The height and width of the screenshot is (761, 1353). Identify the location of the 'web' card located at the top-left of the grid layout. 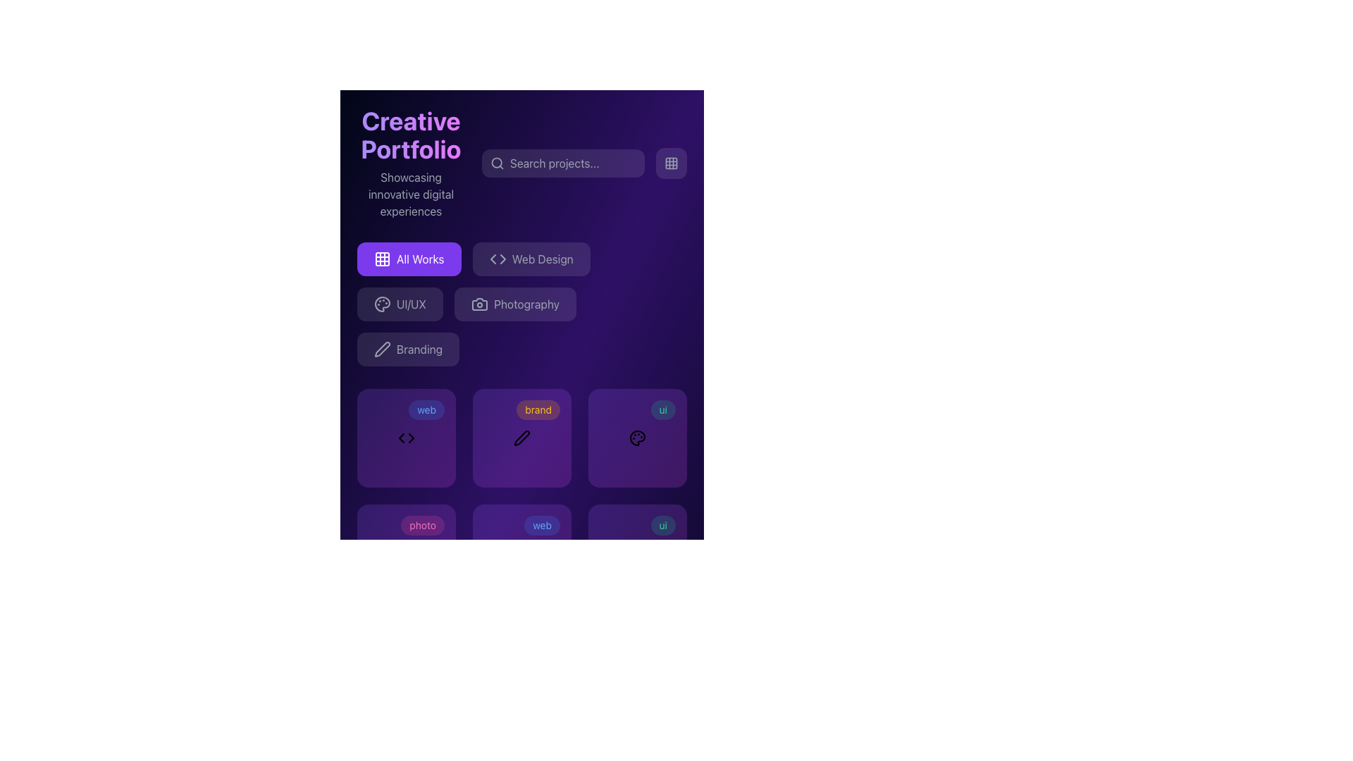
(405, 437).